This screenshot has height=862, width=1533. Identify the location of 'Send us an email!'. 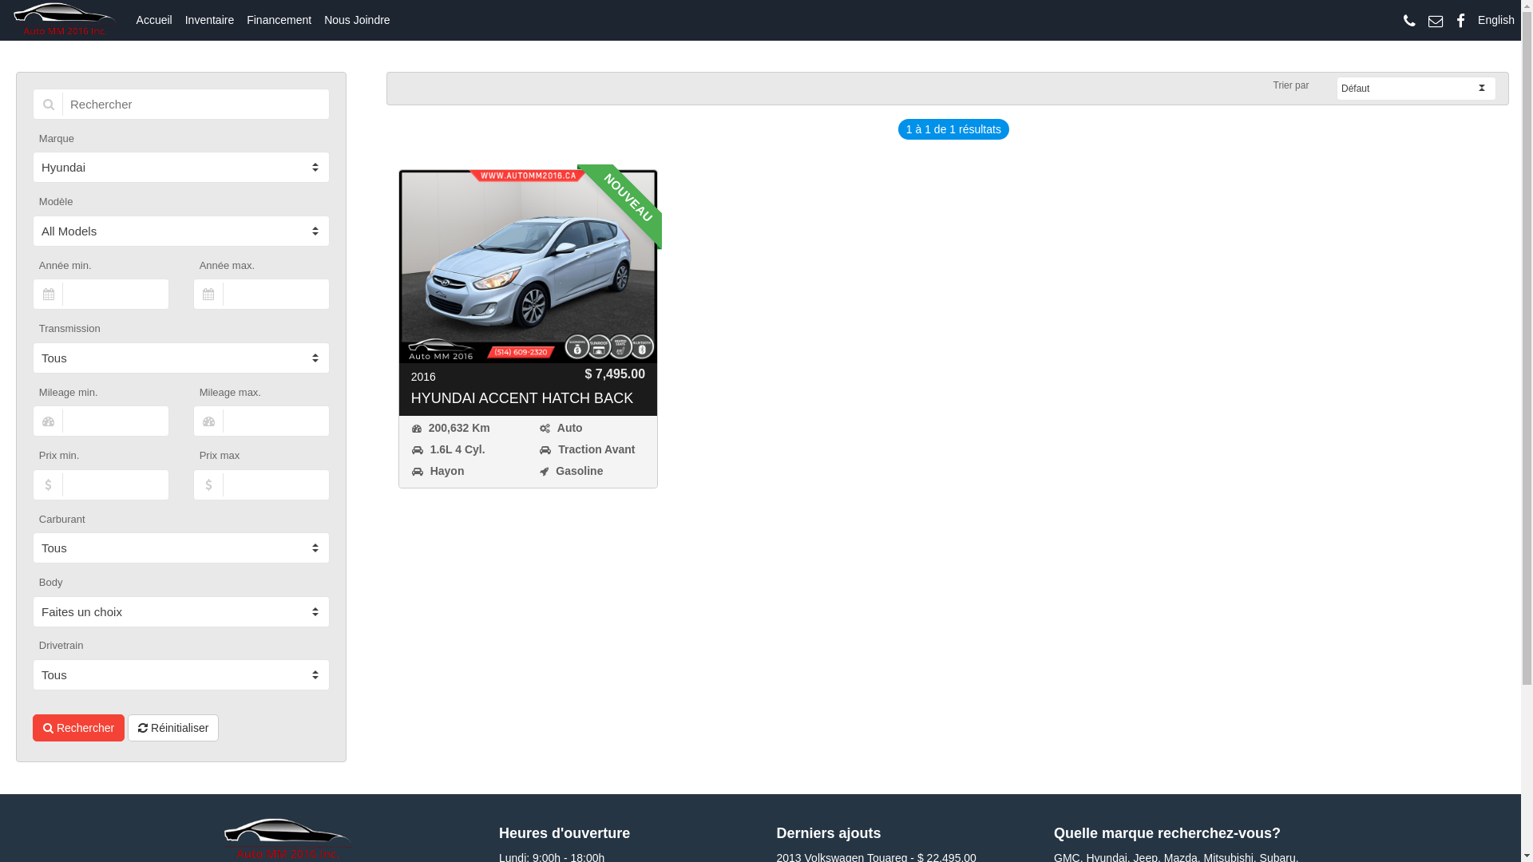
(1421, 22).